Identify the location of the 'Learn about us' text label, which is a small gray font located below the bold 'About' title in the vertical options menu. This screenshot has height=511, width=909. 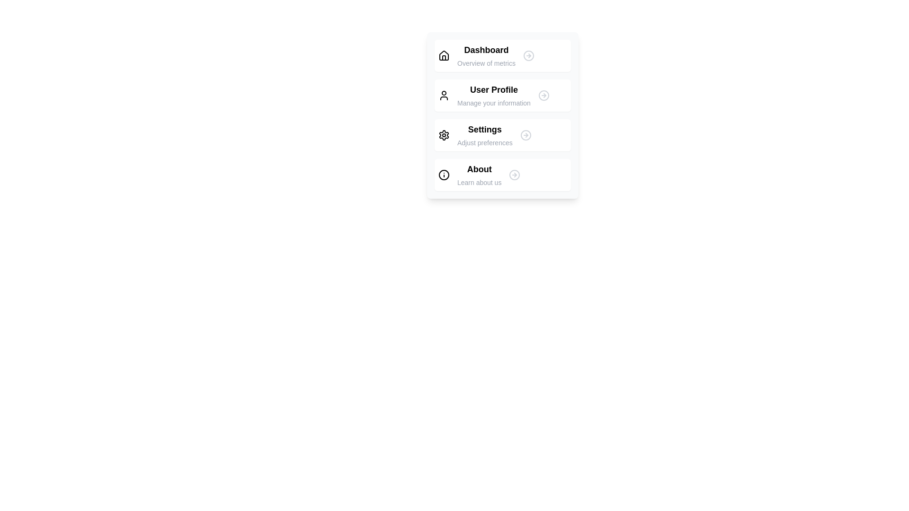
(479, 182).